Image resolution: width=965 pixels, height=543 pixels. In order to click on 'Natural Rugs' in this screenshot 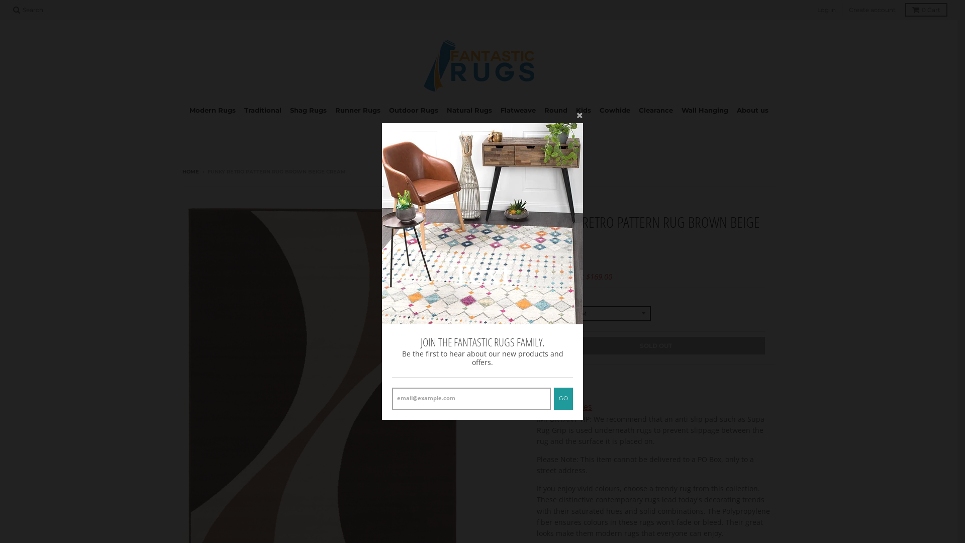, I will do `click(469, 110)`.